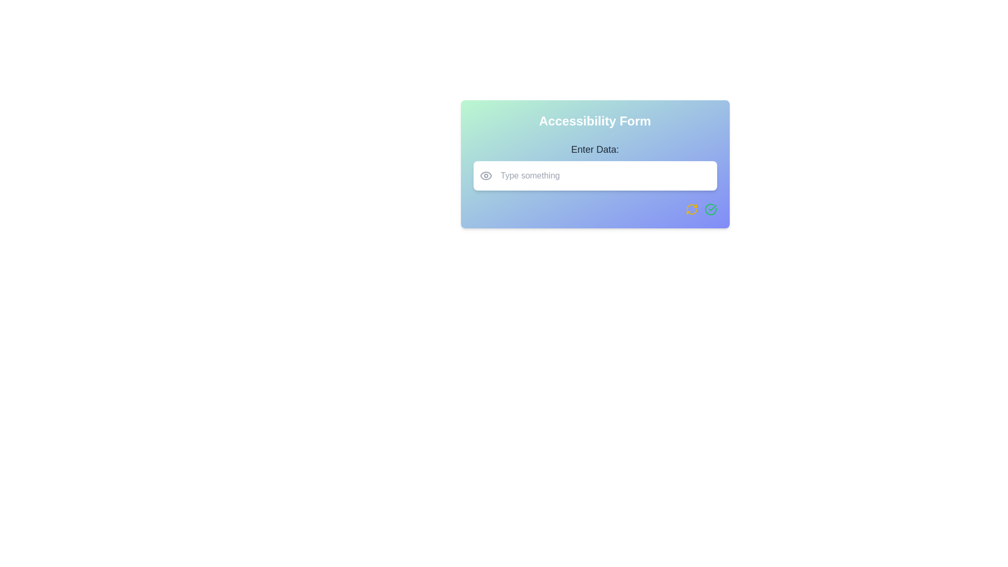  I want to click on text label 'Enter Data:' which is styled in bold and displayed above an input text box, so click(595, 150).